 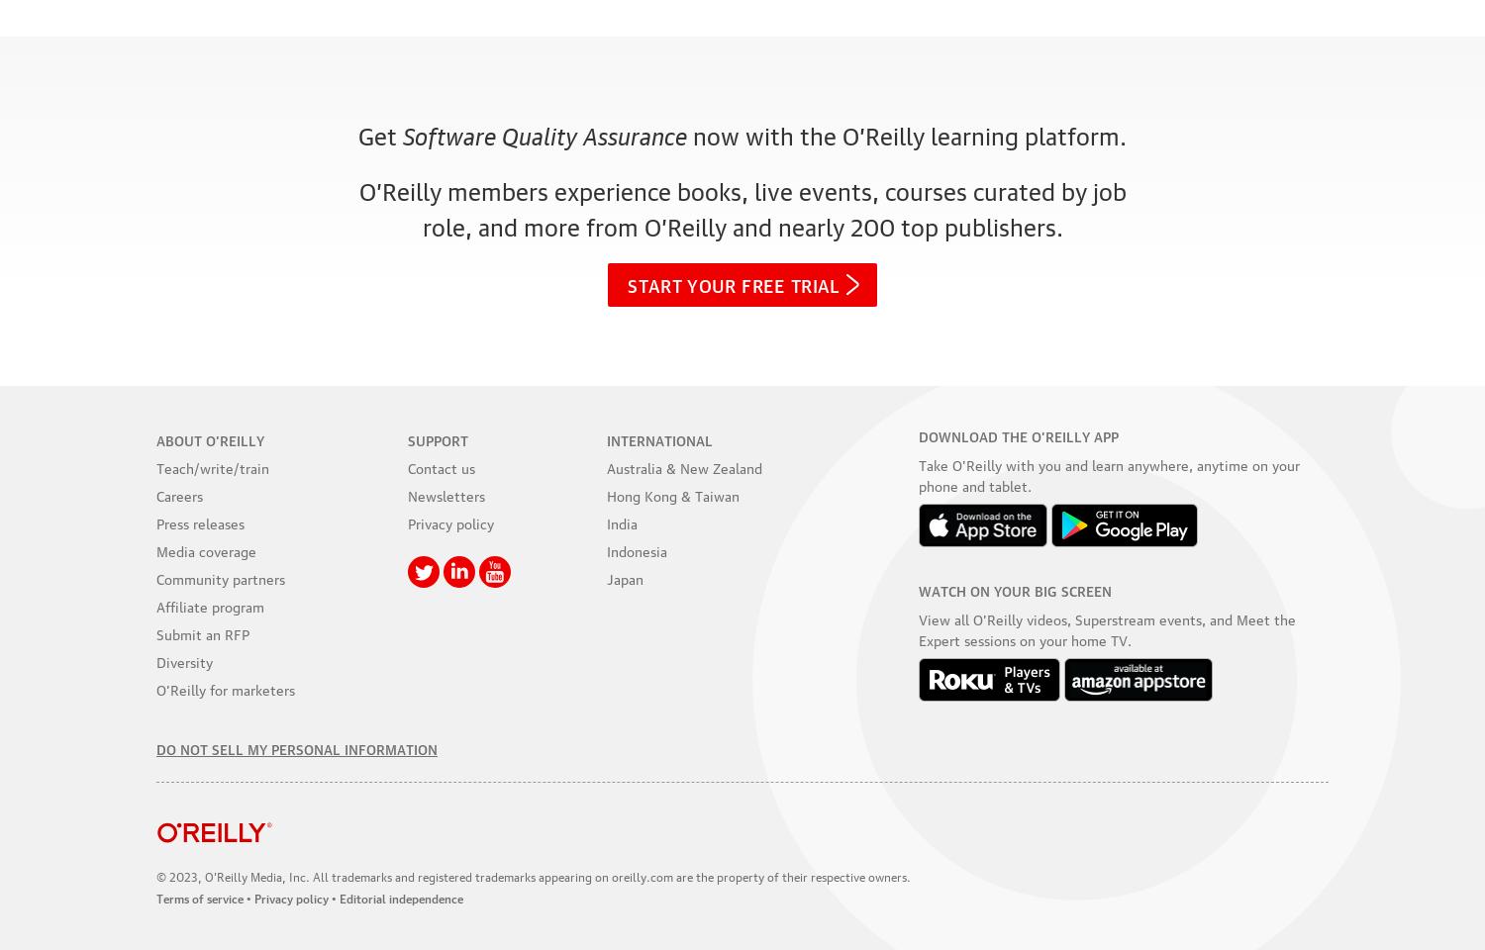 I want to click on 'O’Reilly members experience books, live events, courses curated by job role, and more from O’Reilly and', so click(x=741, y=208).